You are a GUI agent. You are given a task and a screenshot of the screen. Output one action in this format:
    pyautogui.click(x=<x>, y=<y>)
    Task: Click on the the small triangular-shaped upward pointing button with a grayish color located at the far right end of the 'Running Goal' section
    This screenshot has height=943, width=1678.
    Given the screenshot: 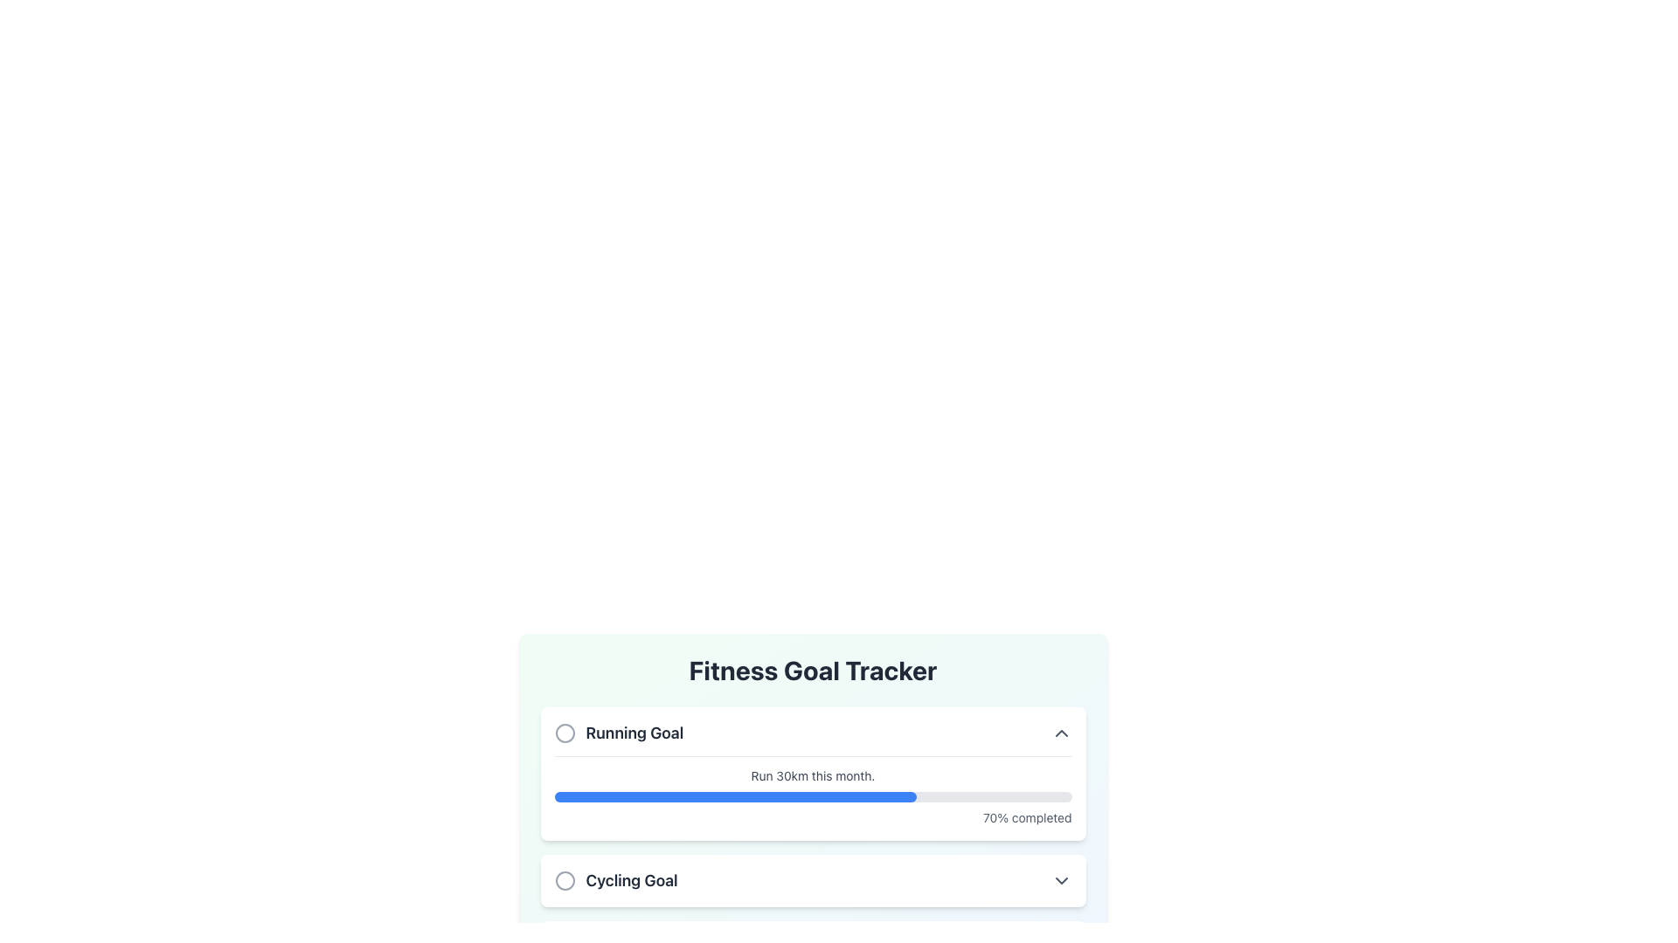 What is the action you would take?
    pyautogui.click(x=1060, y=733)
    